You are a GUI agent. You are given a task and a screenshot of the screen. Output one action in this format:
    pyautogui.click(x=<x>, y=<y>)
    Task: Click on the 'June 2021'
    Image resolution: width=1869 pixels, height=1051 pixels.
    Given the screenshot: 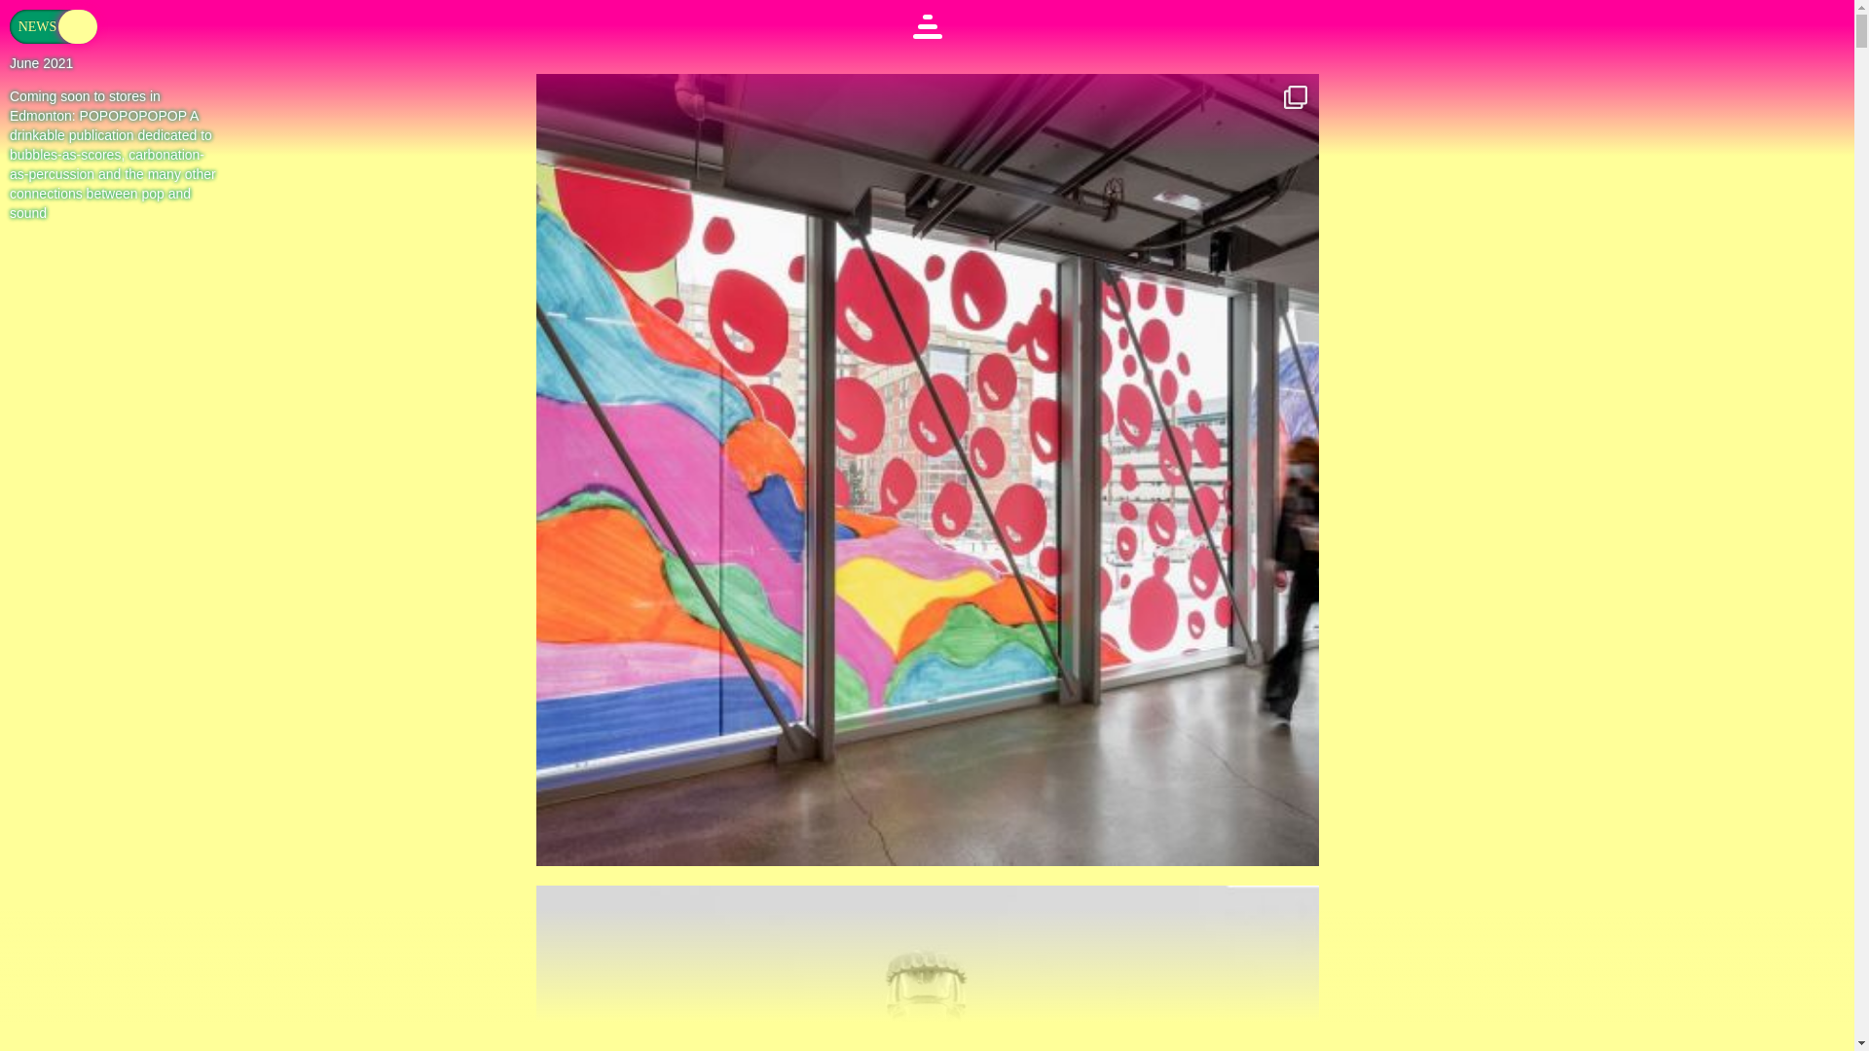 What is the action you would take?
    pyautogui.click(x=9, y=62)
    